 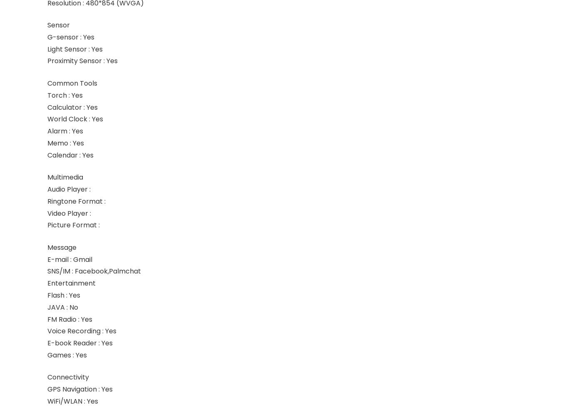 What do you see at coordinates (72, 83) in the screenshot?
I see `'Common Tools'` at bounding box center [72, 83].